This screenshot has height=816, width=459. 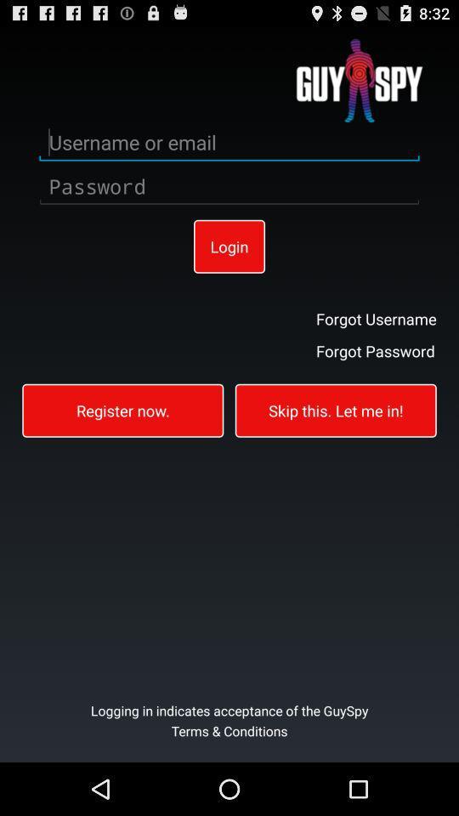 I want to click on the item below login button, so click(x=122, y=409).